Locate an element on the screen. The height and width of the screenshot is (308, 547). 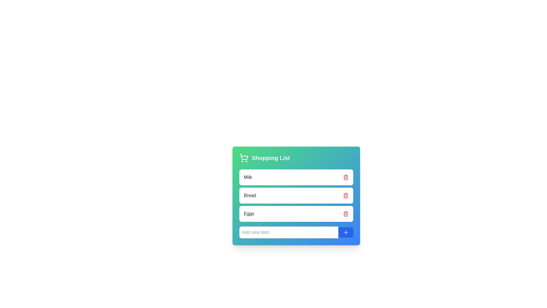
the informational label indicating the name of the first item in the shopping list, located on the left side of the first row in a card layout beneath the 'Shopping List' header is located at coordinates (248, 177).